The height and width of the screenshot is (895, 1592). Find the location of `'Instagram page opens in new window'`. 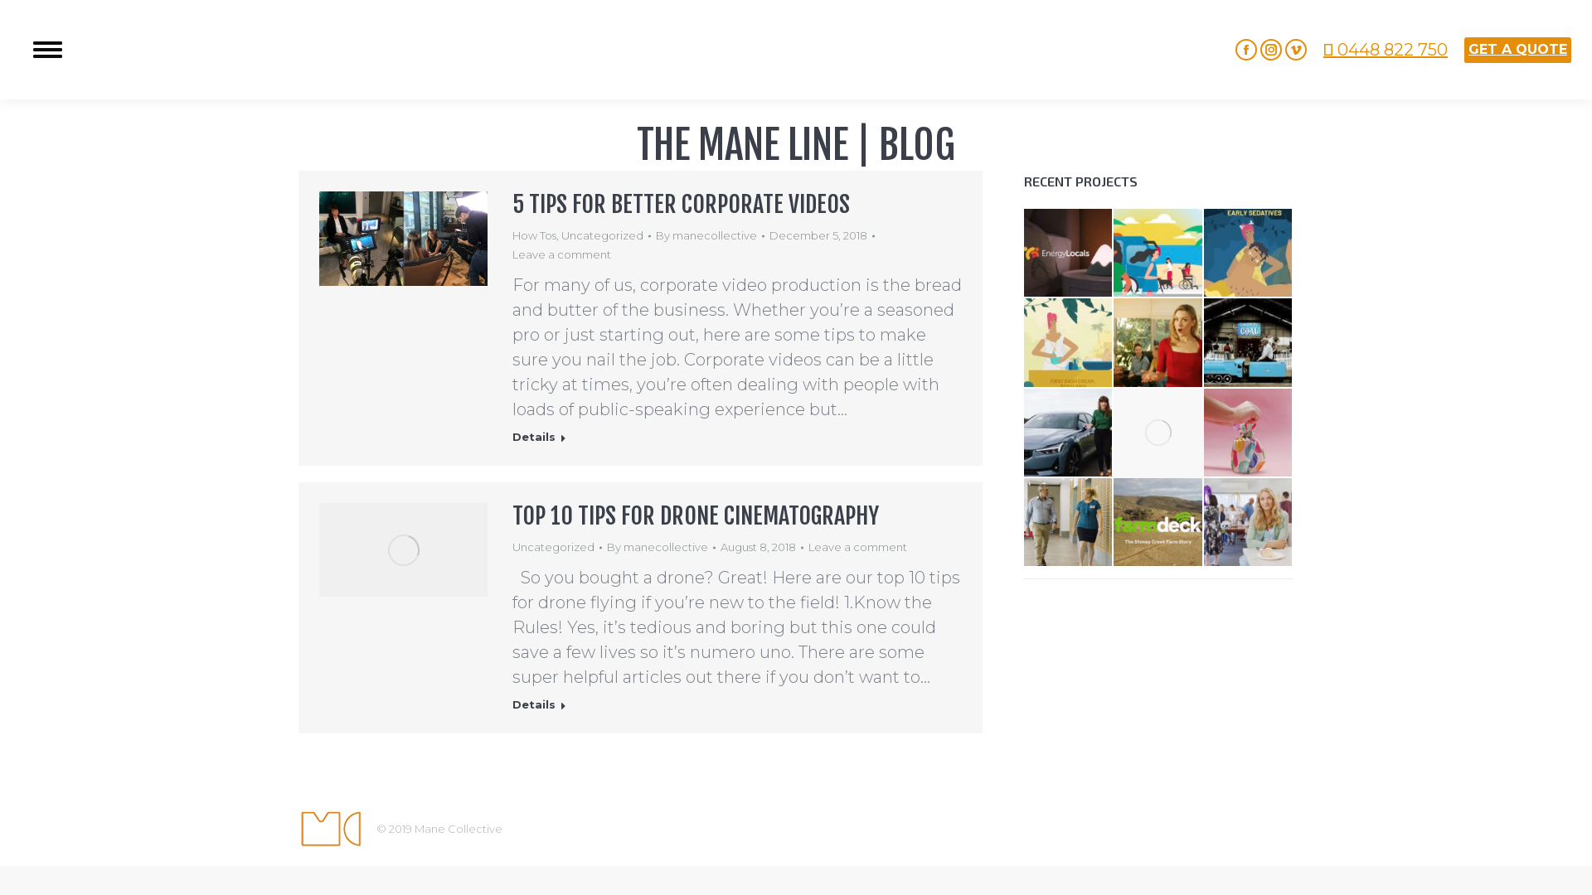

'Instagram page opens in new window' is located at coordinates (1260, 49).